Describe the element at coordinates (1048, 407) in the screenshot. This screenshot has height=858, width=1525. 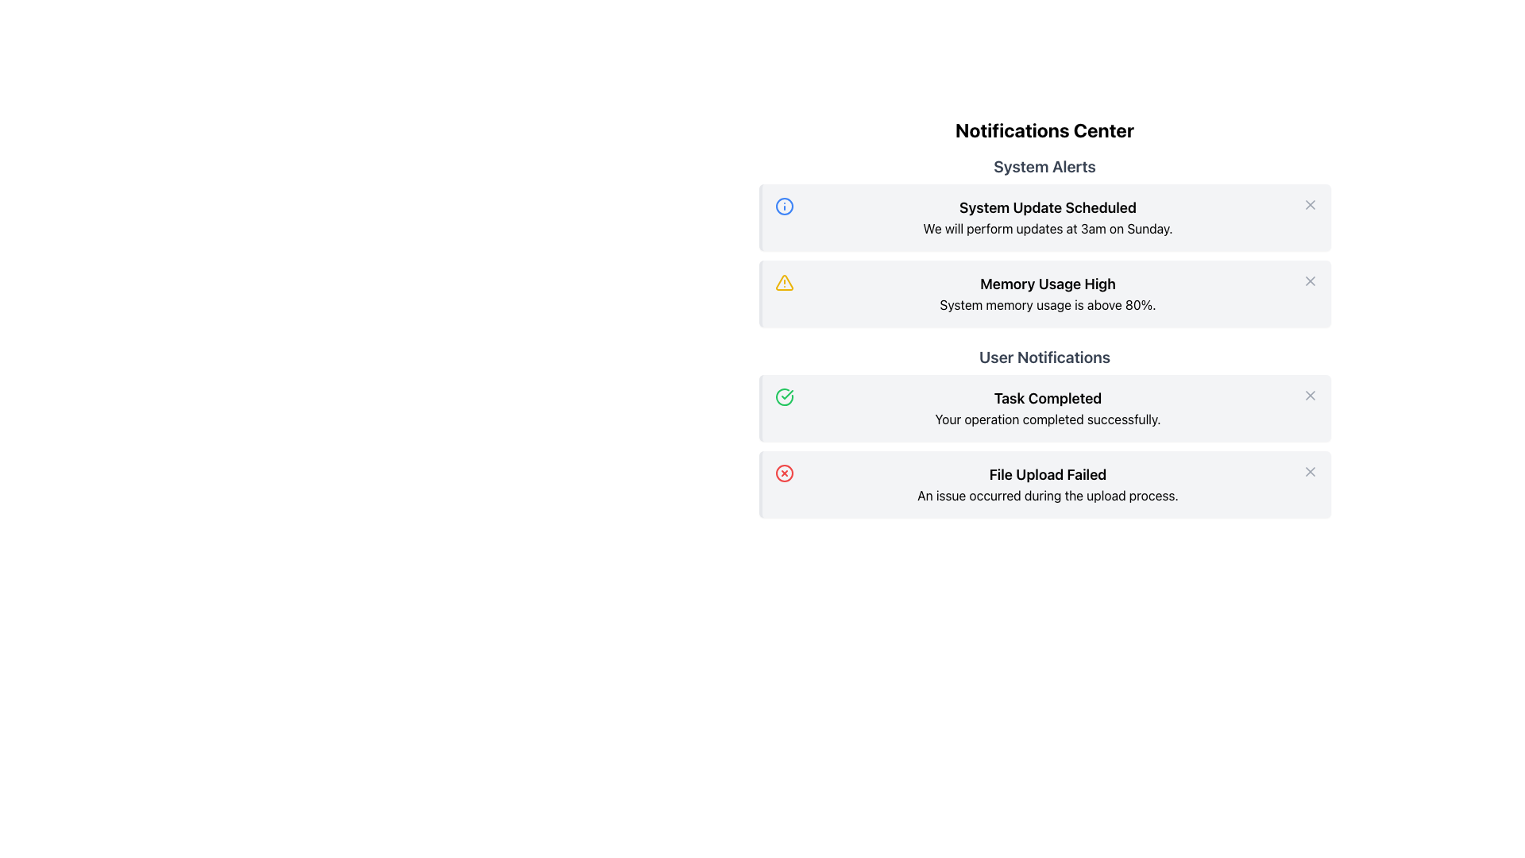
I see `the notification message indicating a successful operation, which is centered within the 'User Notifications' section, positioned below 'Memory Usage High' and above 'File Upload Failed'` at that location.